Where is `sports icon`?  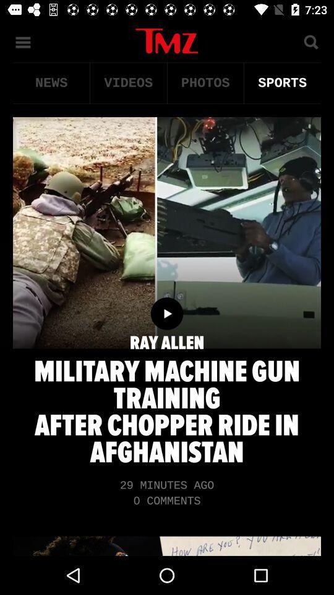 sports icon is located at coordinates (282, 82).